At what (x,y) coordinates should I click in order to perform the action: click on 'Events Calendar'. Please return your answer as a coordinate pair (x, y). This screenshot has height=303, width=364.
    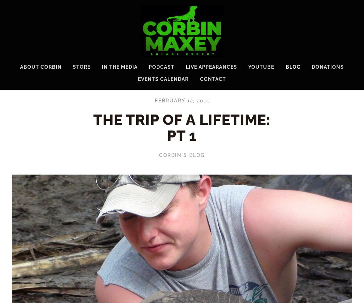
    Looking at the image, I should click on (163, 78).